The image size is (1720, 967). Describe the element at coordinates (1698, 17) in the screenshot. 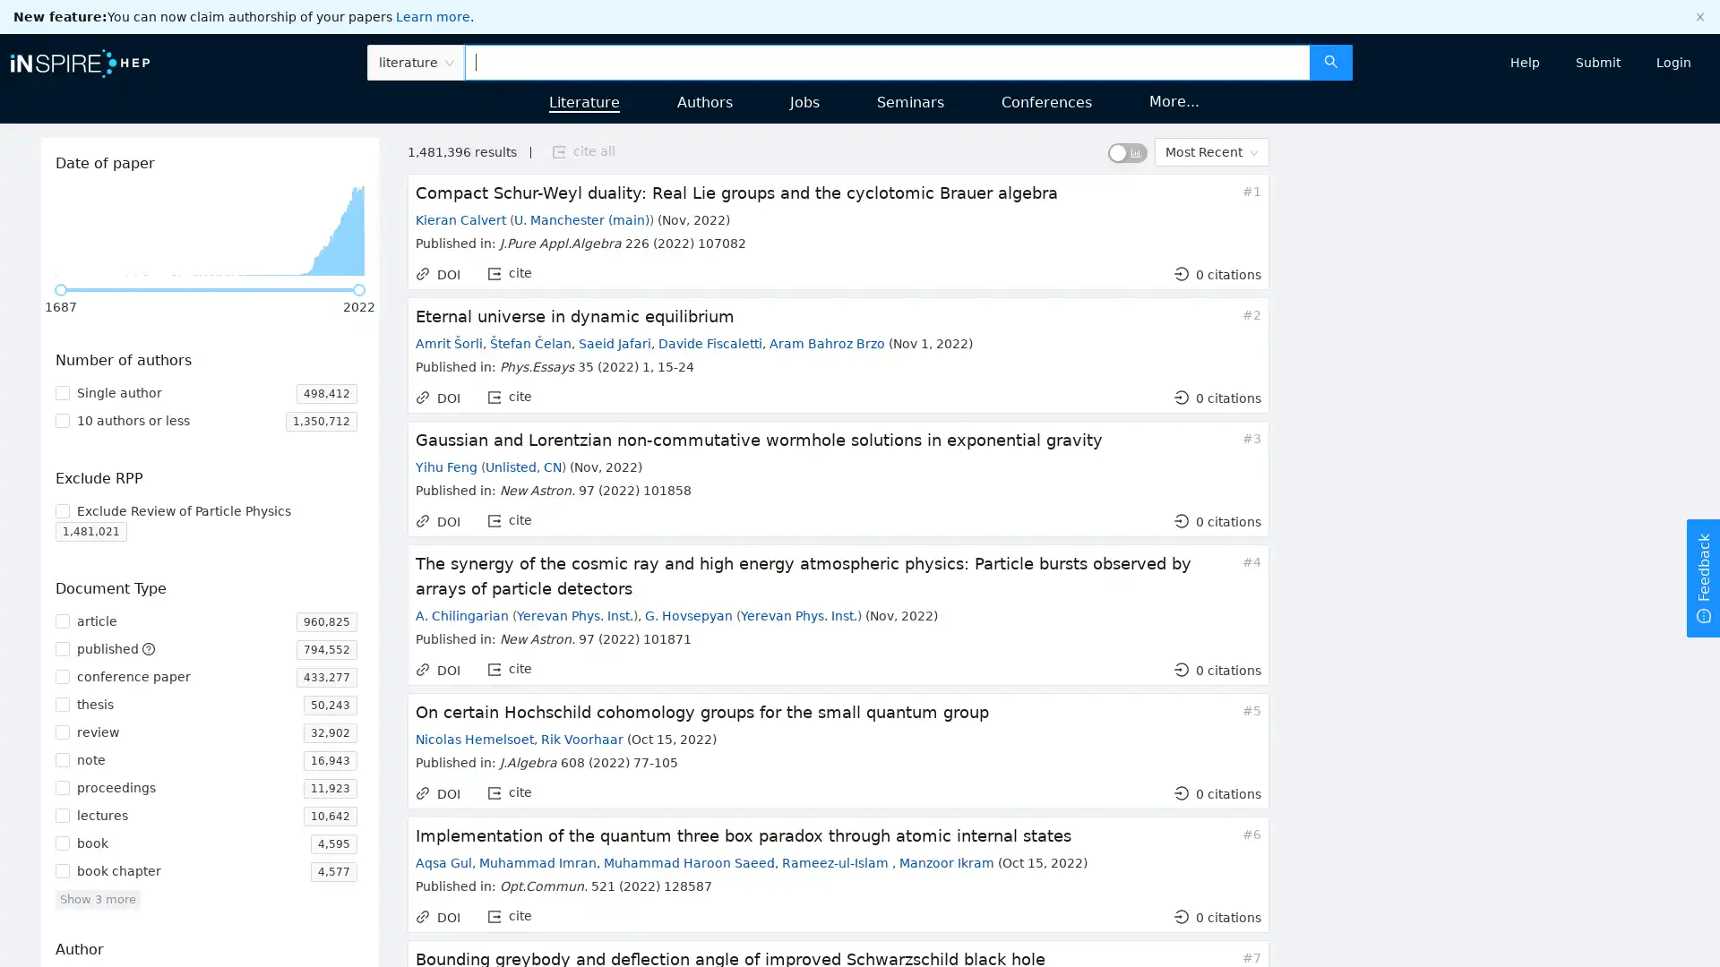

I see `close` at that location.